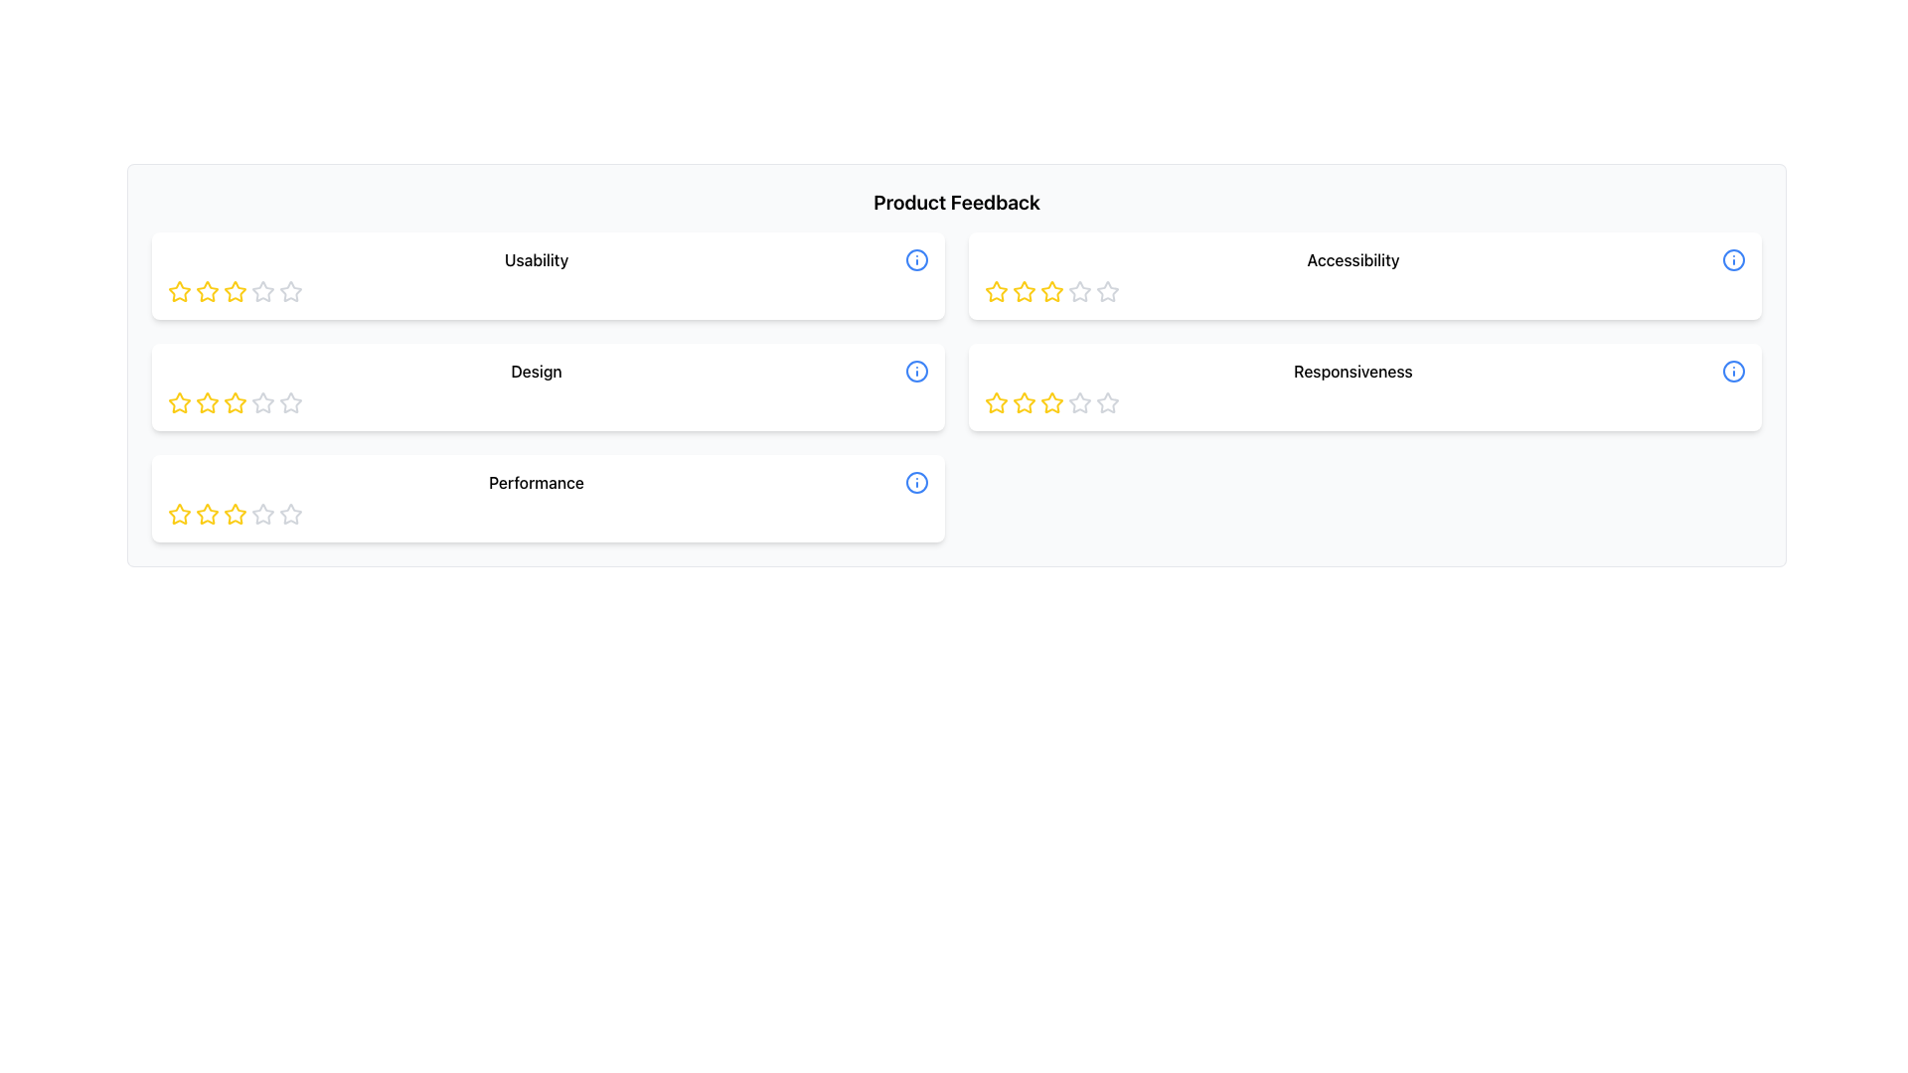  I want to click on the first yellow star icon in the rating stars associated with the 'Performance' category, so click(180, 513).